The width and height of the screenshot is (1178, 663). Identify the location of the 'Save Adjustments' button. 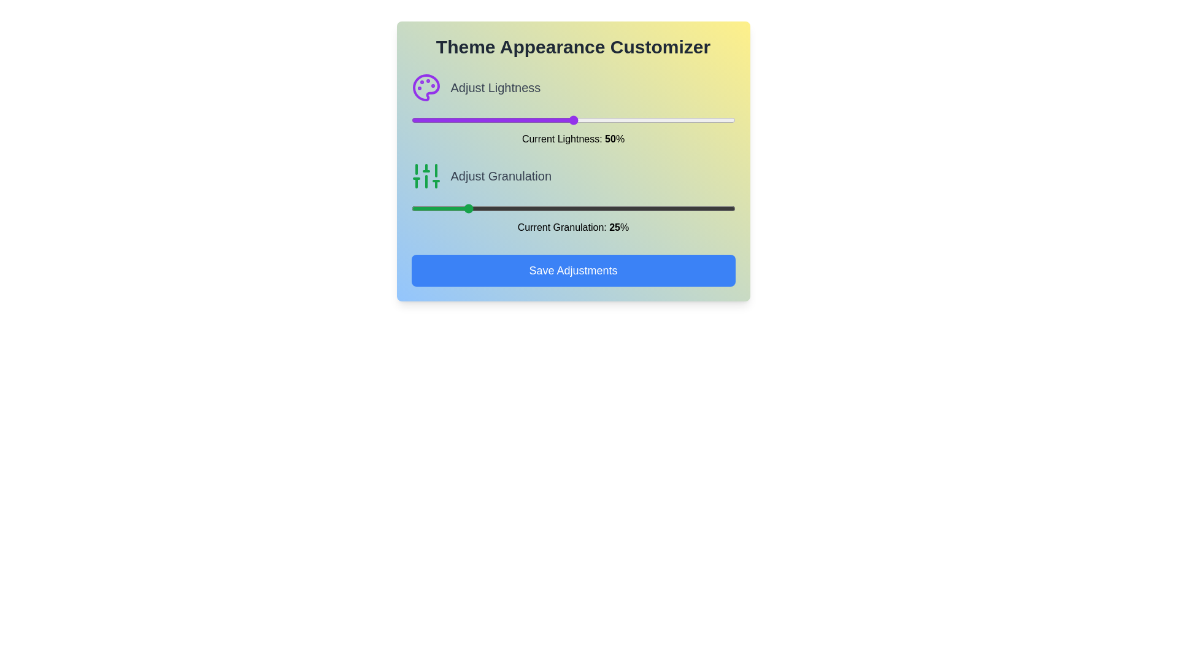
(572, 269).